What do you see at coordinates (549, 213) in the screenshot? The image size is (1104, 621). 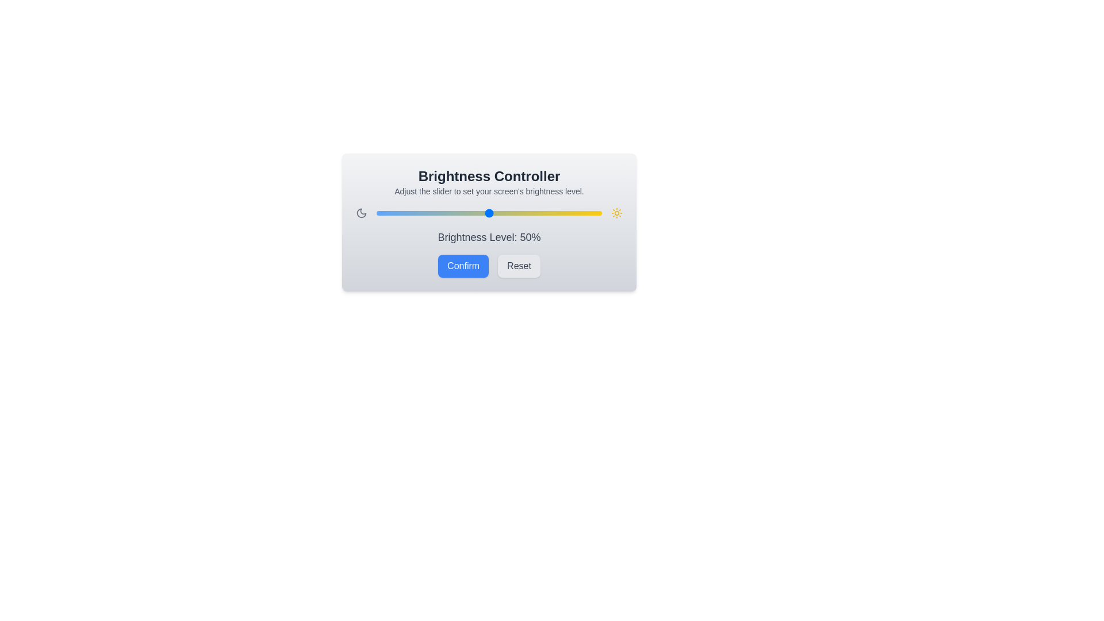 I see `the brightness slider to set the brightness level to 77%` at bounding box center [549, 213].